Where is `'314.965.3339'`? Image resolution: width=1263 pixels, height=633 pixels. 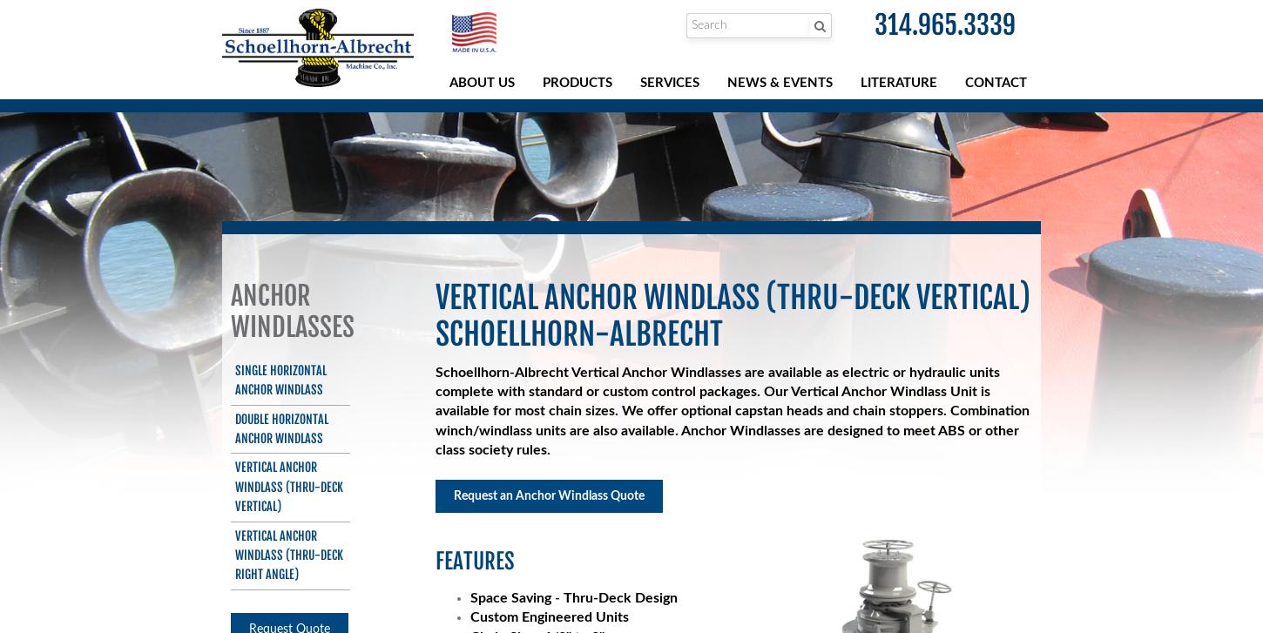
'314.965.3339' is located at coordinates (945, 24).